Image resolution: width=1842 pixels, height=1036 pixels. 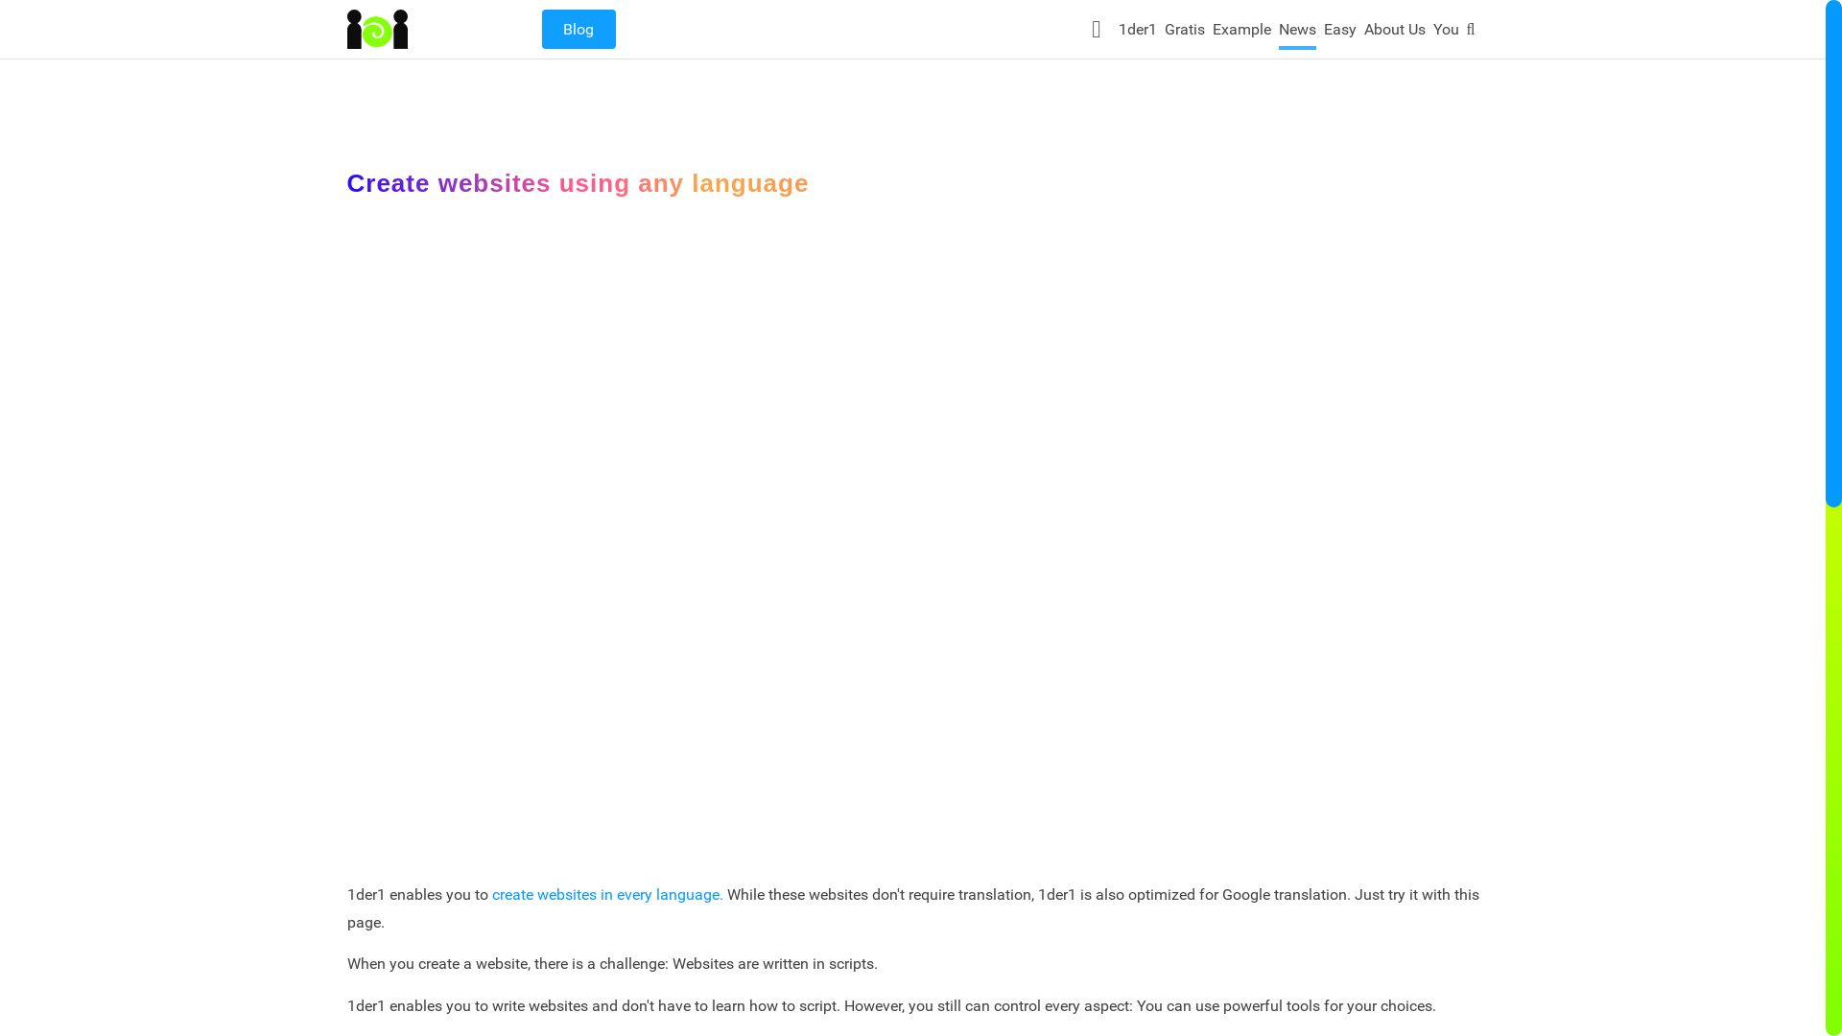 What do you see at coordinates (1098, 28) in the screenshot?
I see `' '` at bounding box center [1098, 28].